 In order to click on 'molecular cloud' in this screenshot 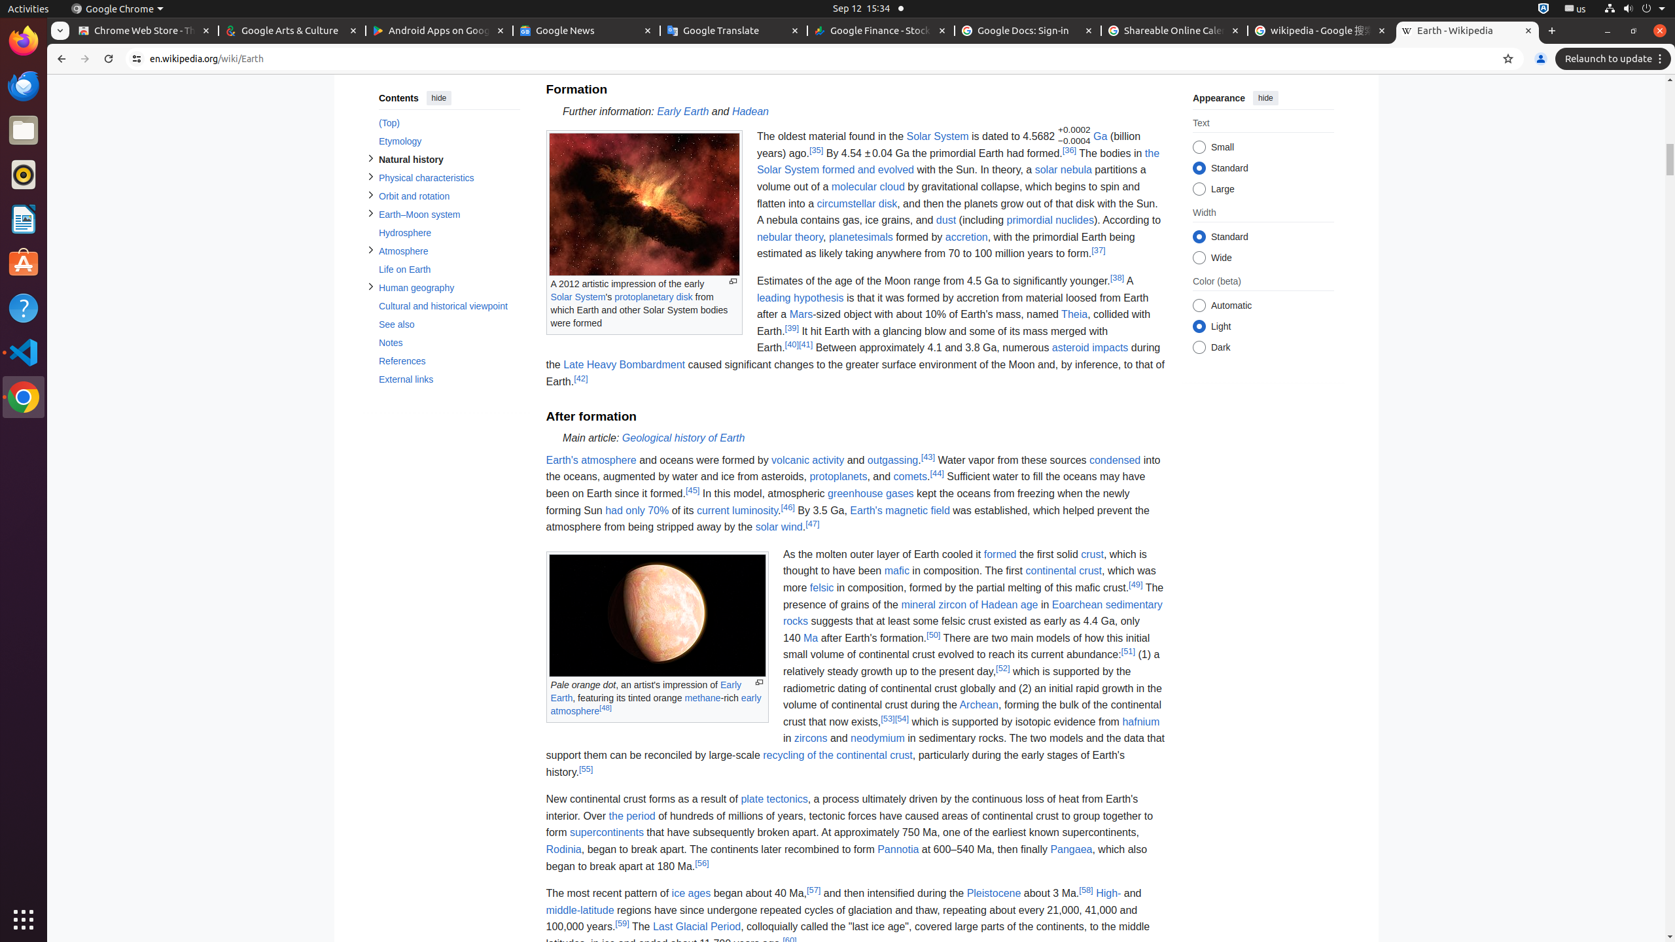, I will do `click(867, 186)`.